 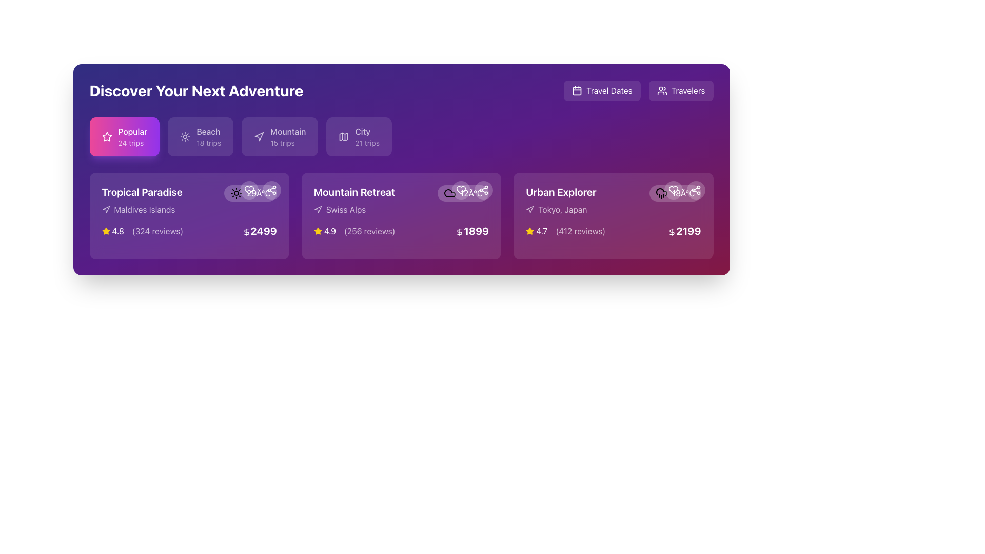 I want to click on rating and price displayed at the bottom section of the 'Tropical Paradise' card, which is the first item in the row of destination cards, so click(x=189, y=231).